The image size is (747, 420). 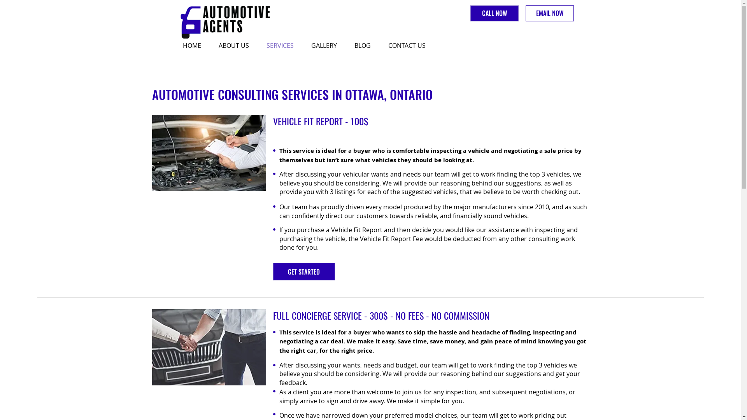 What do you see at coordinates (176, 45) in the screenshot?
I see `'HOME'` at bounding box center [176, 45].